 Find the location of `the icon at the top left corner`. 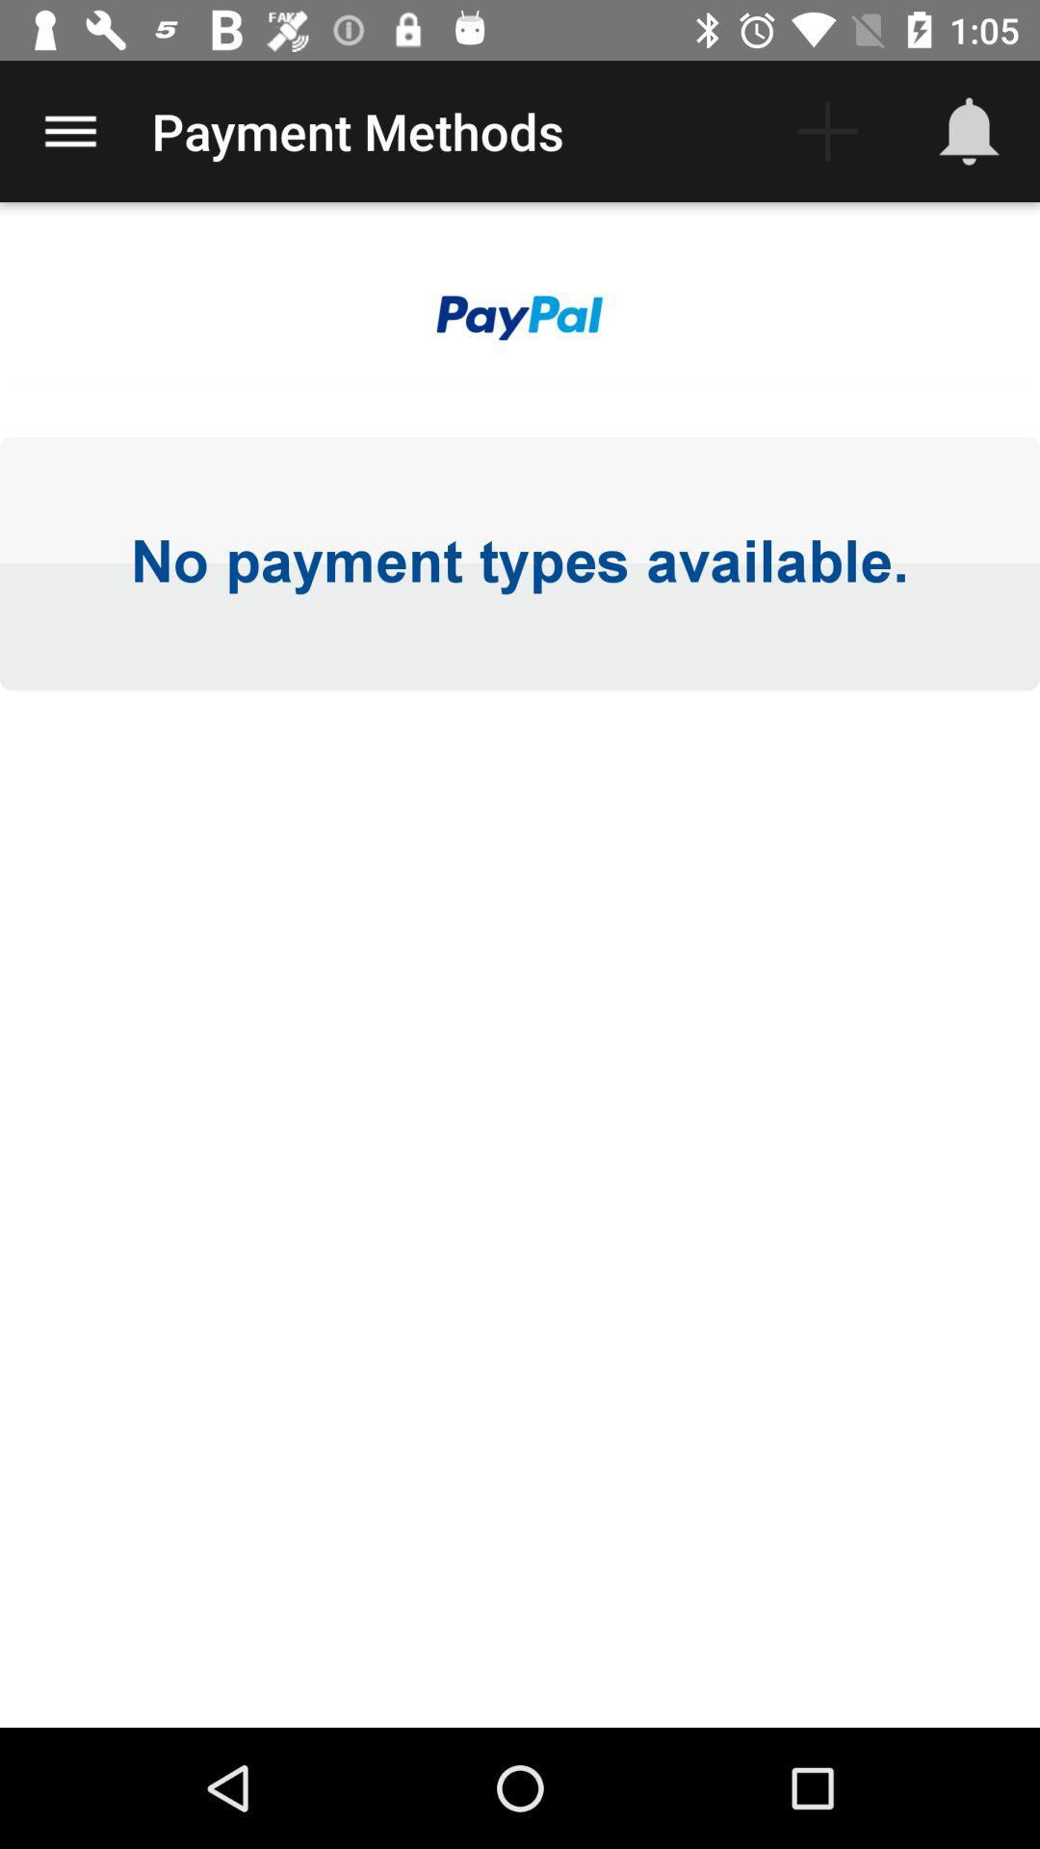

the icon at the top left corner is located at coordinates (69, 130).